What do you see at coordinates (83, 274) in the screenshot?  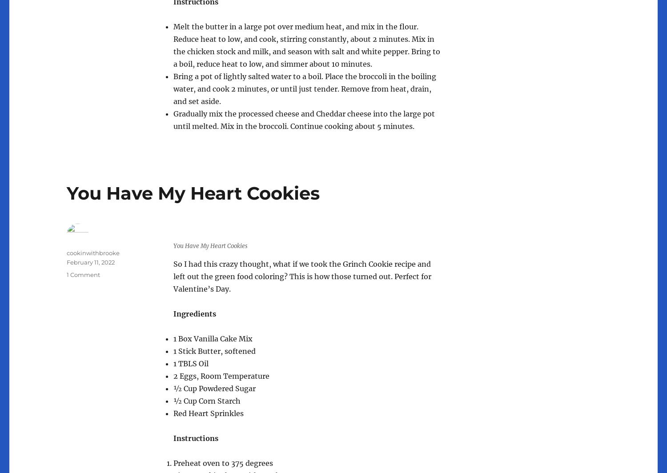 I see `'1 Comment'` at bounding box center [83, 274].